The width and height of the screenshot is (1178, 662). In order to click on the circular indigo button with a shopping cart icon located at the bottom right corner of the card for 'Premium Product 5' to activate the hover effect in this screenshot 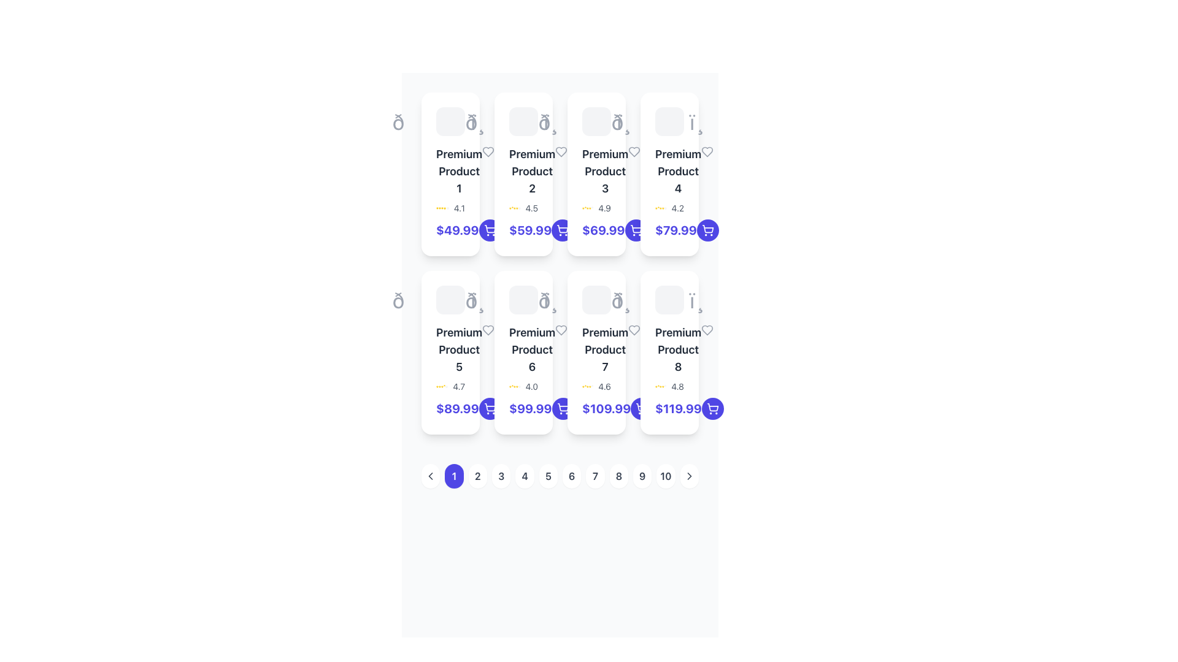, I will do `click(489, 409)`.